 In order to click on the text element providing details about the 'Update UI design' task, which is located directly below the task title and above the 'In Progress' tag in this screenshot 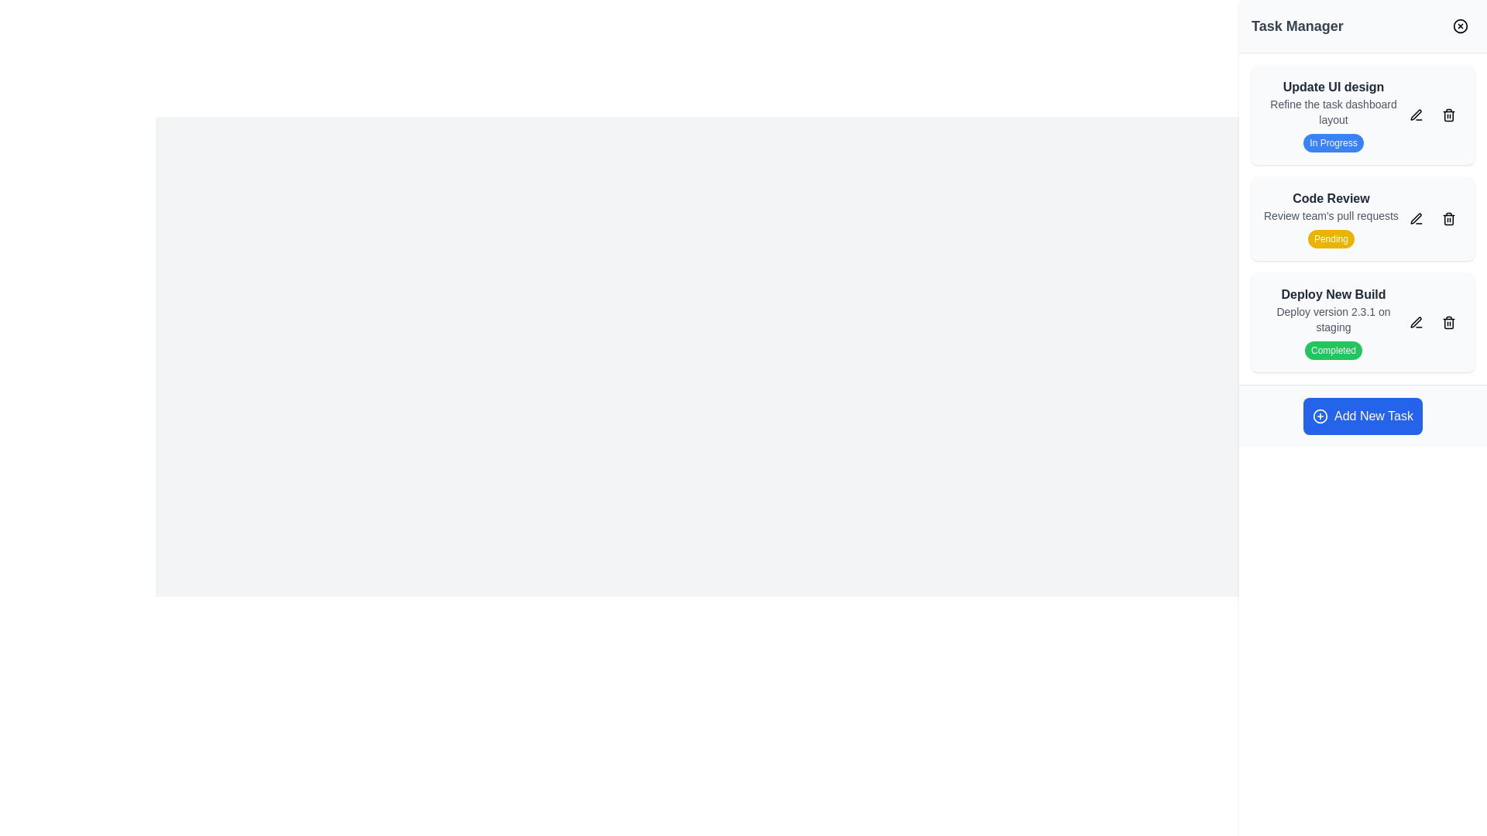, I will do `click(1333, 111)`.